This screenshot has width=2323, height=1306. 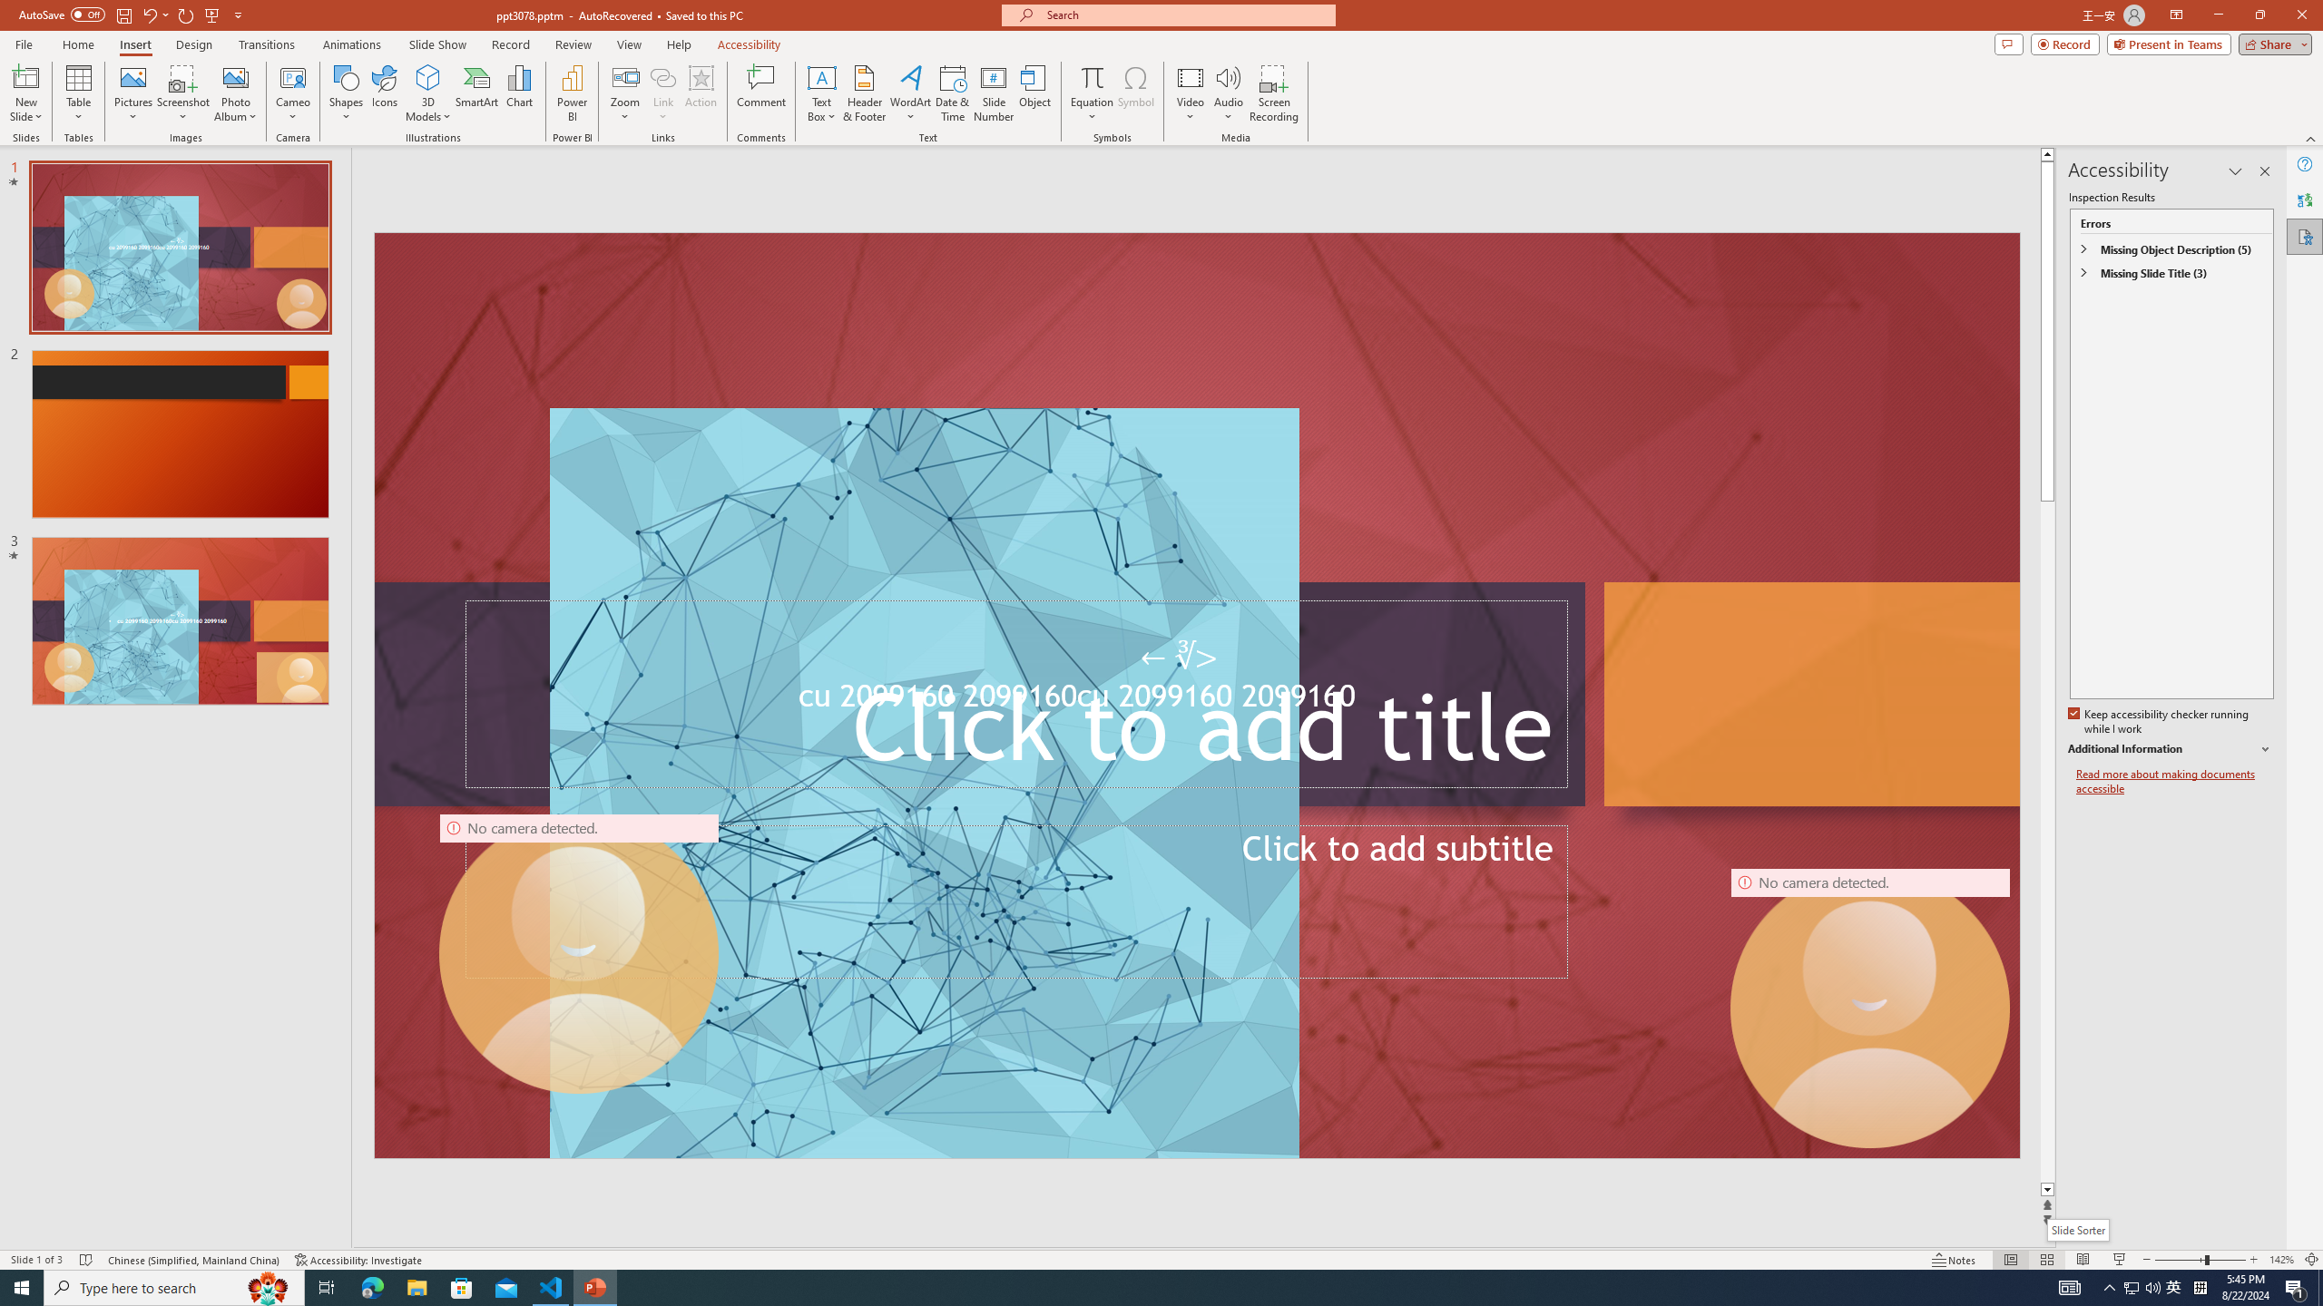 I want to click on 'Collapse the Ribbon', so click(x=2311, y=139).